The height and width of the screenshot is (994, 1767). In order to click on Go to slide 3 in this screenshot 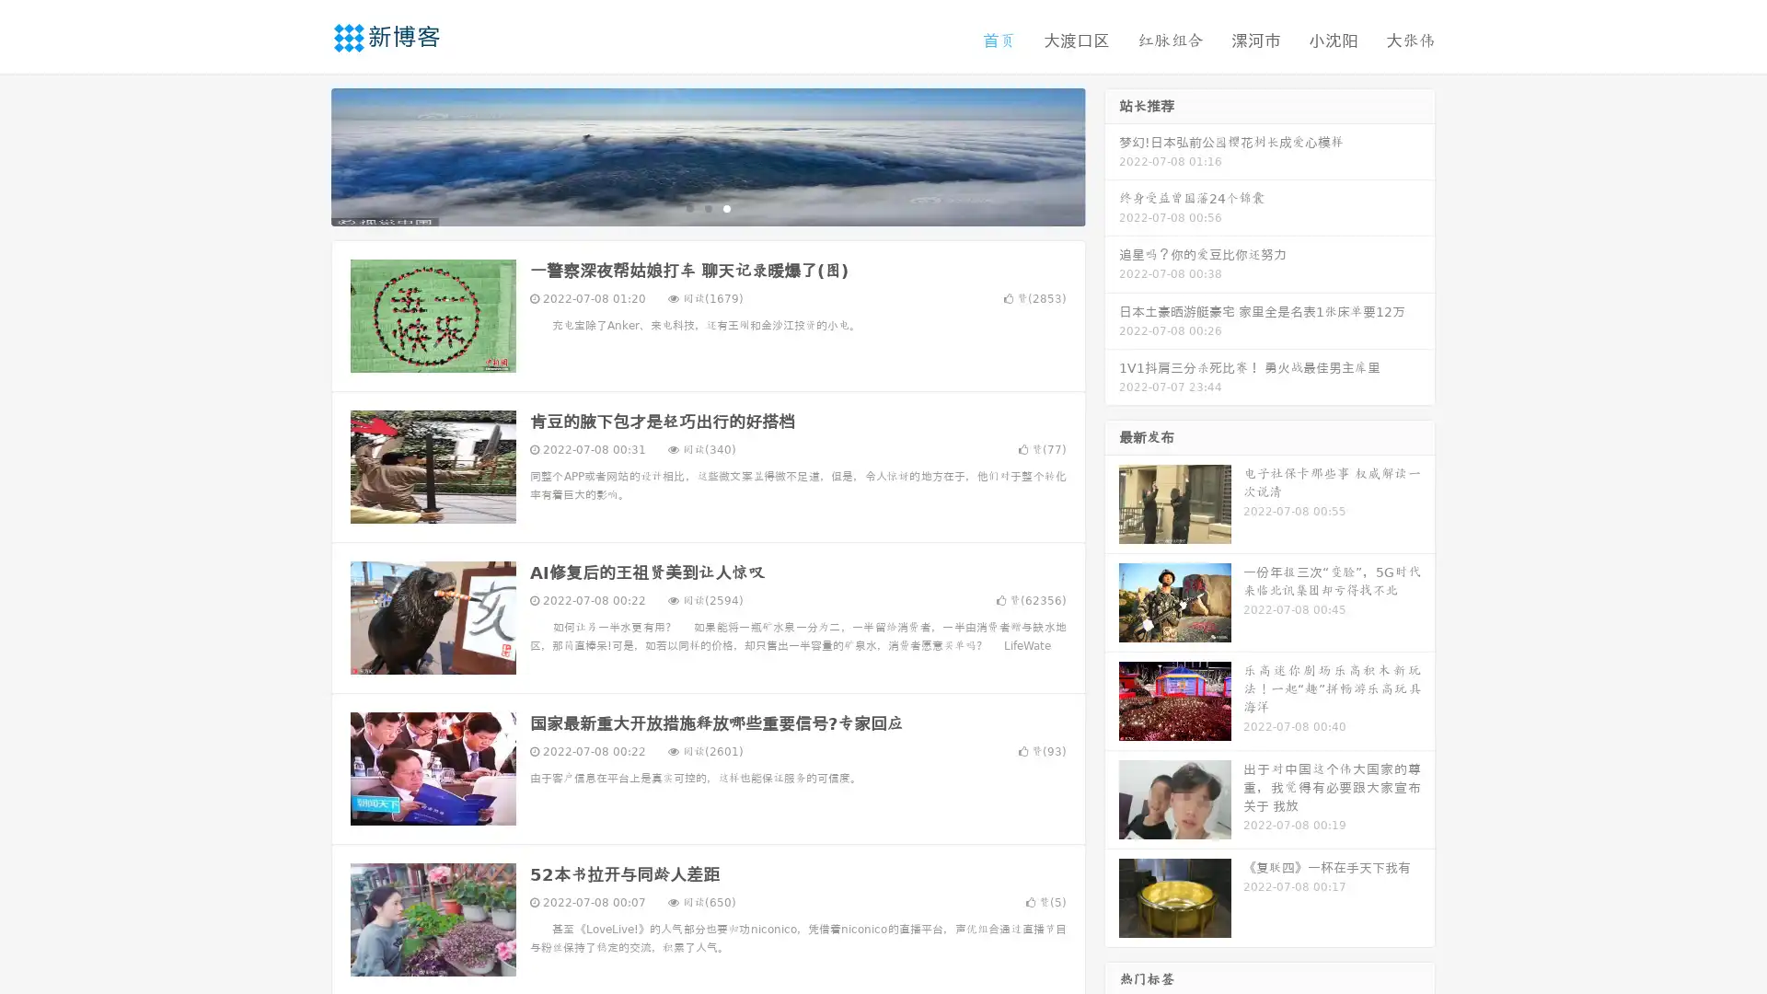, I will do `click(726, 207)`.